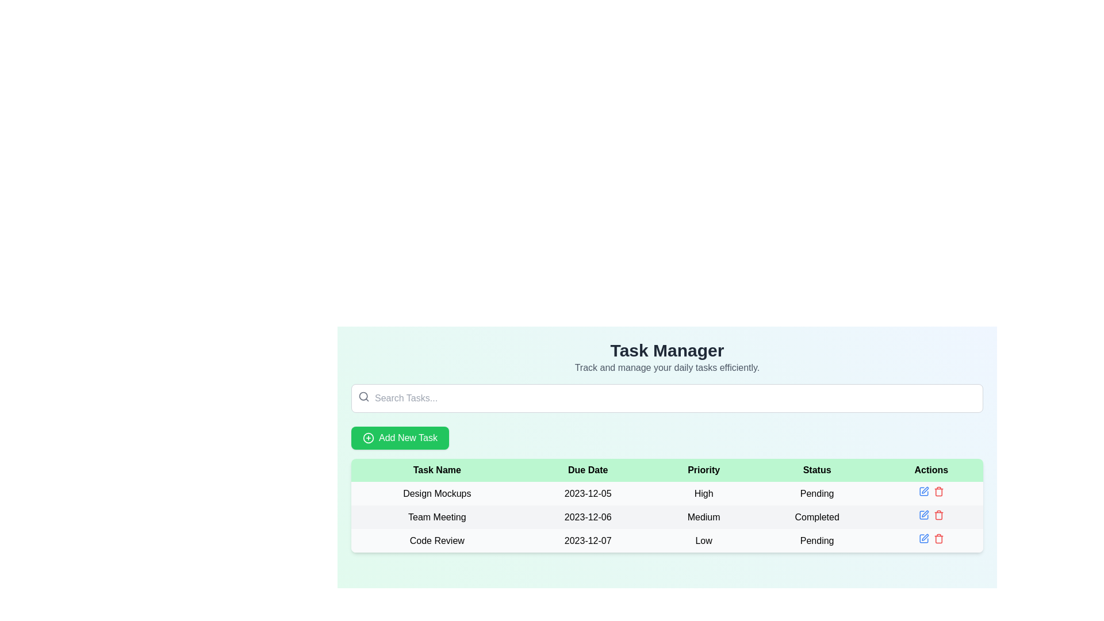  Describe the element at coordinates (925, 537) in the screenshot. I see `the Graphic Icon in the 'Actions' column of the last row of the table, located next to the 'Delete' icon for the 'Code Review' task` at that location.